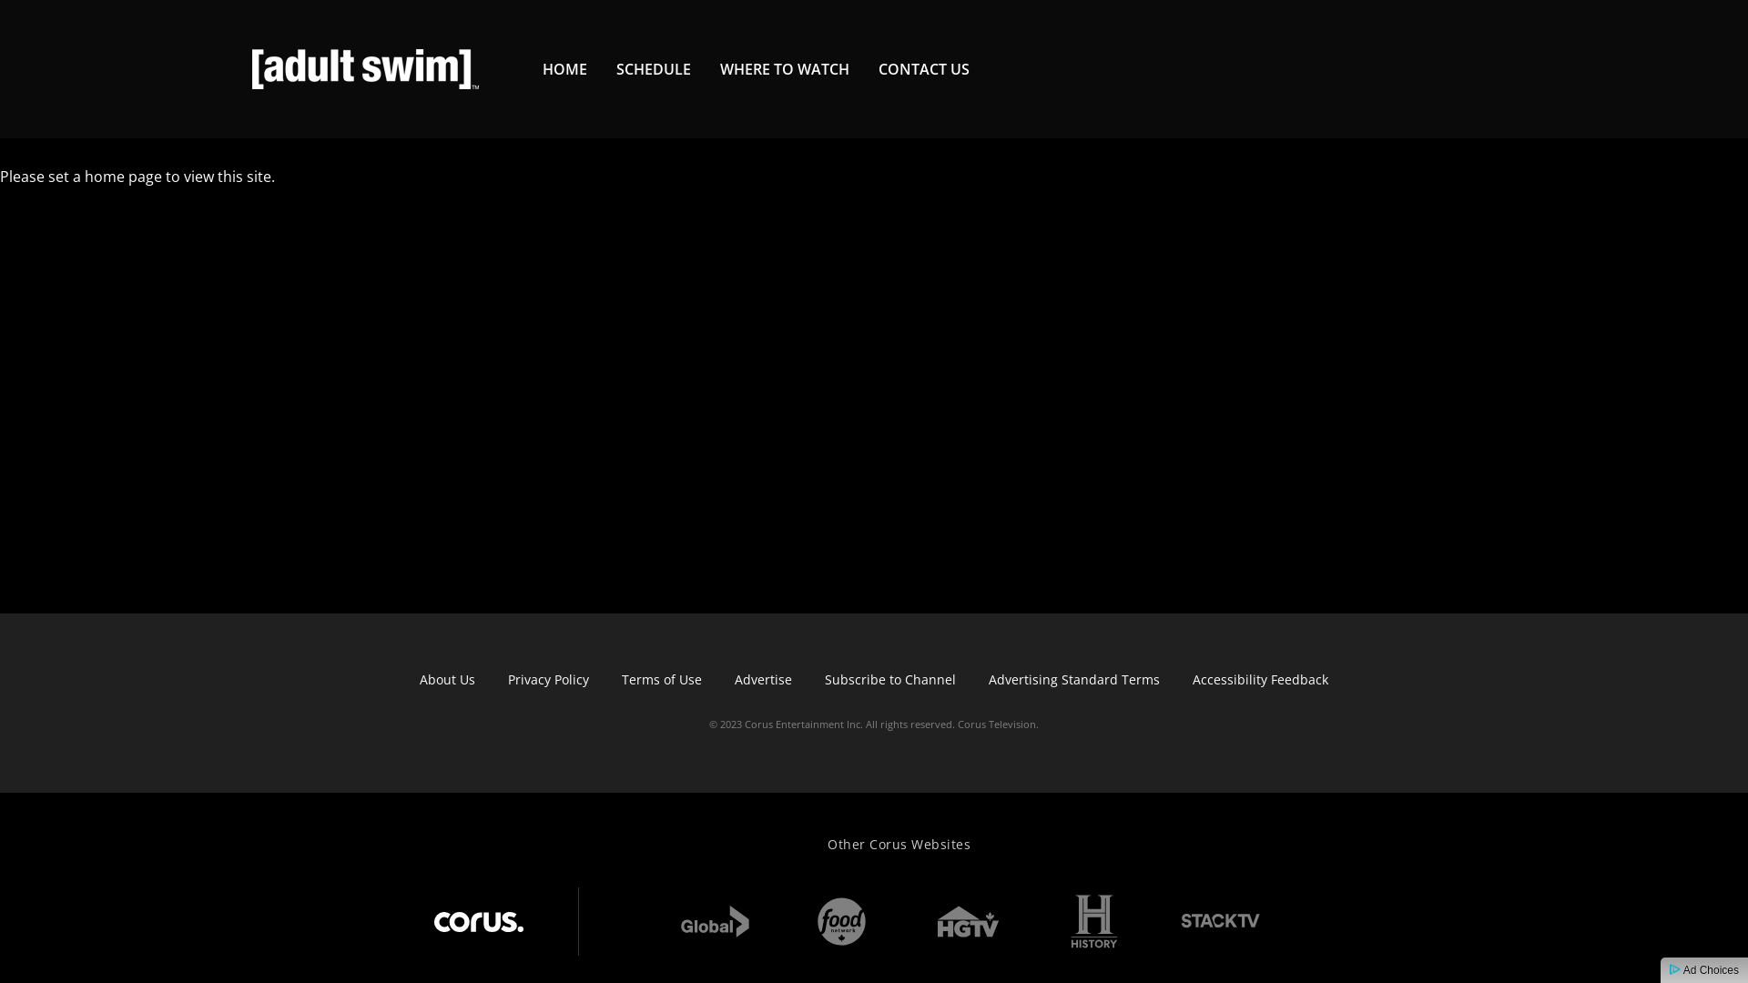 The width and height of the screenshot is (1748, 983). What do you see at coordinates (1202, 907) in the screenshot?
I see `'Stacktv'` at bounding box center [1202, 907].